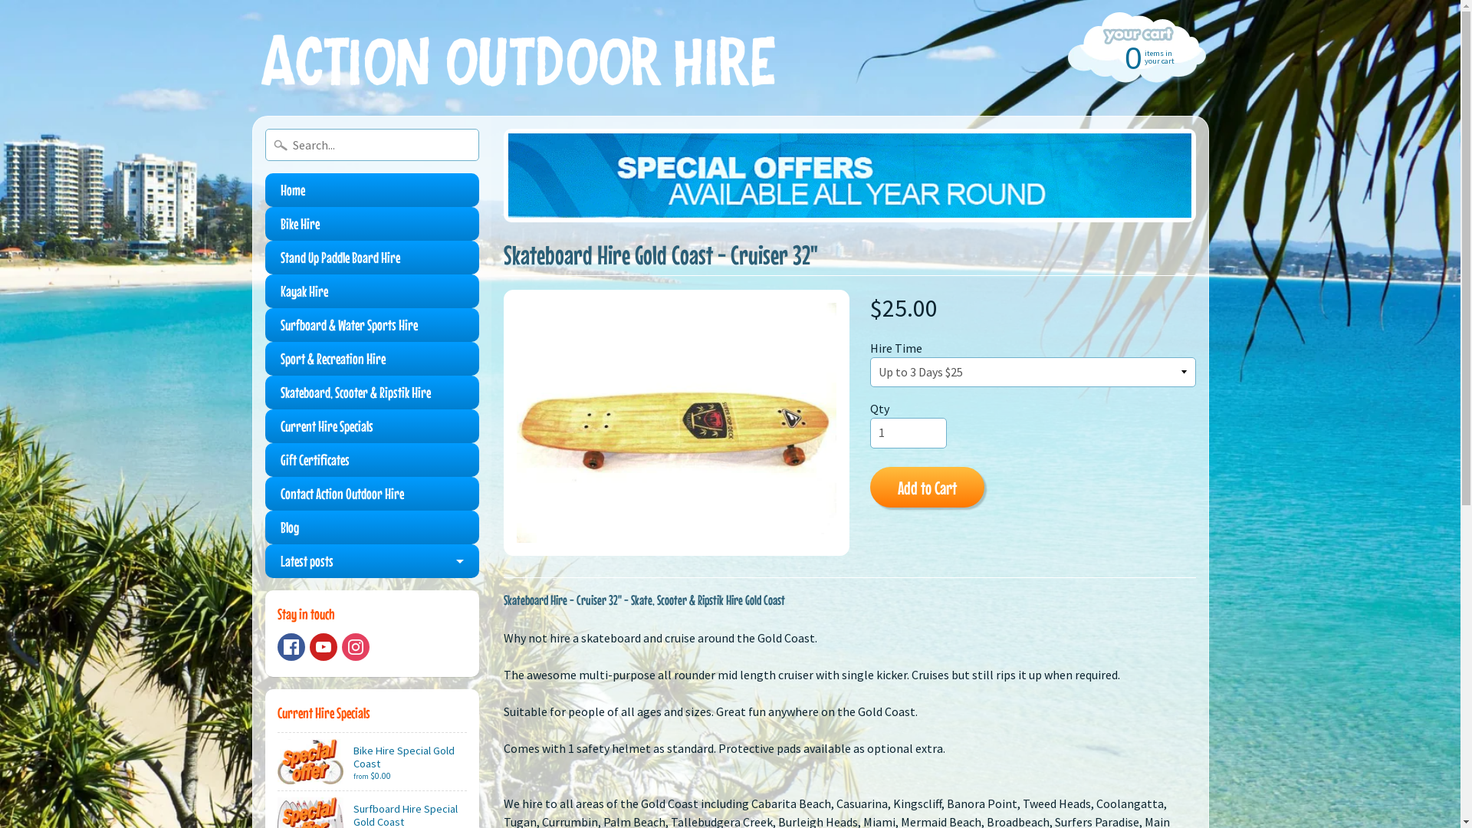 The image size is (1472, 828). I want to click on 'Surfboard & Water Sports Hire', so click(372, 324).